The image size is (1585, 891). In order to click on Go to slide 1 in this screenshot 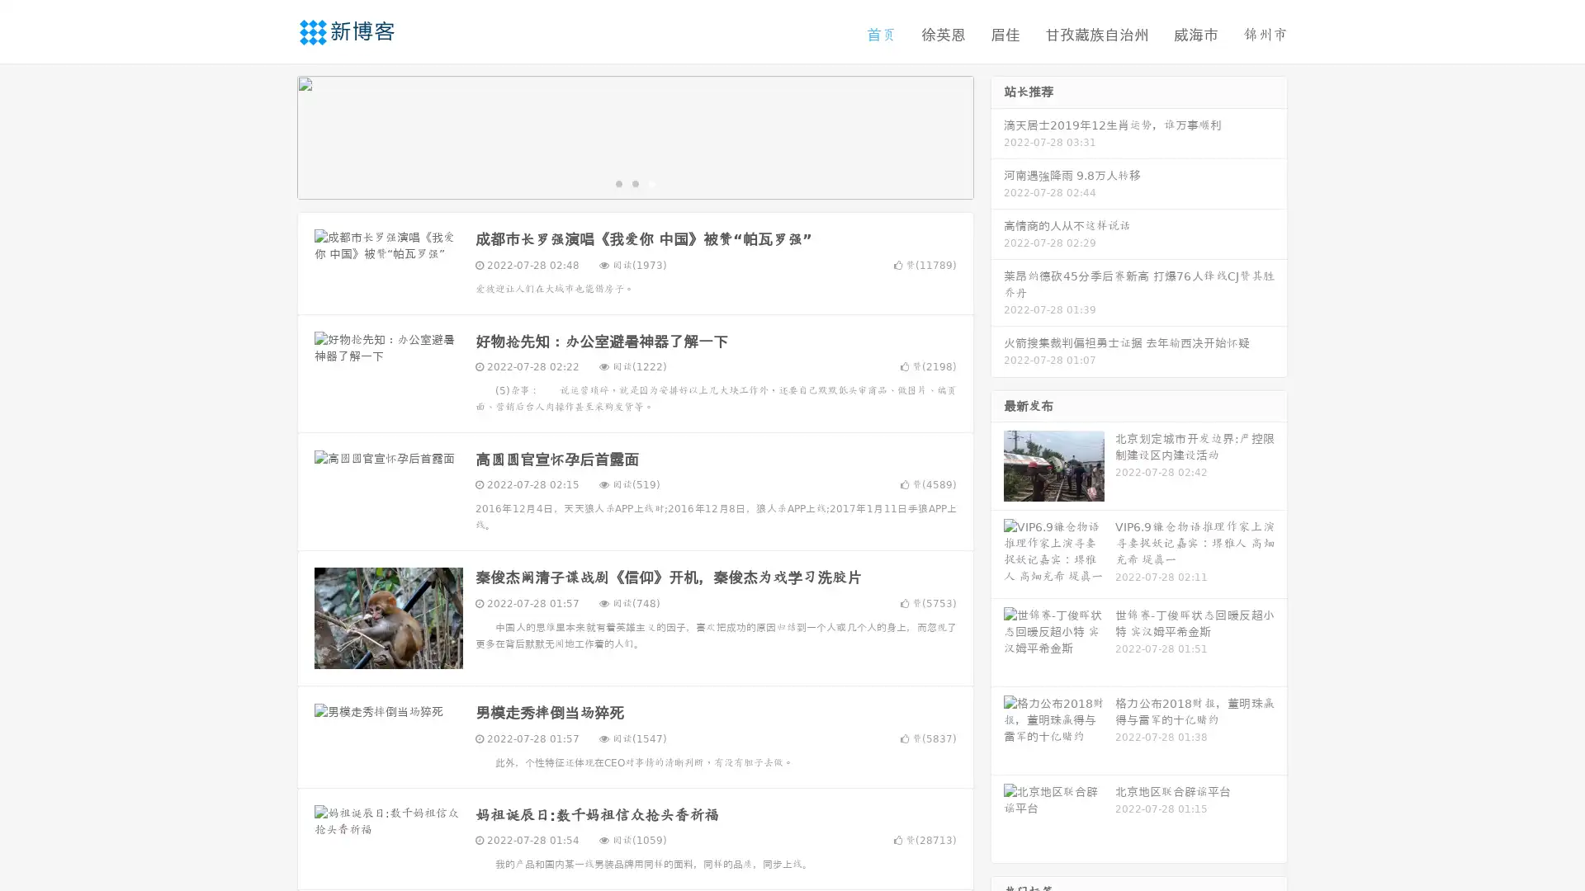, I will do `click(617, 186)`.